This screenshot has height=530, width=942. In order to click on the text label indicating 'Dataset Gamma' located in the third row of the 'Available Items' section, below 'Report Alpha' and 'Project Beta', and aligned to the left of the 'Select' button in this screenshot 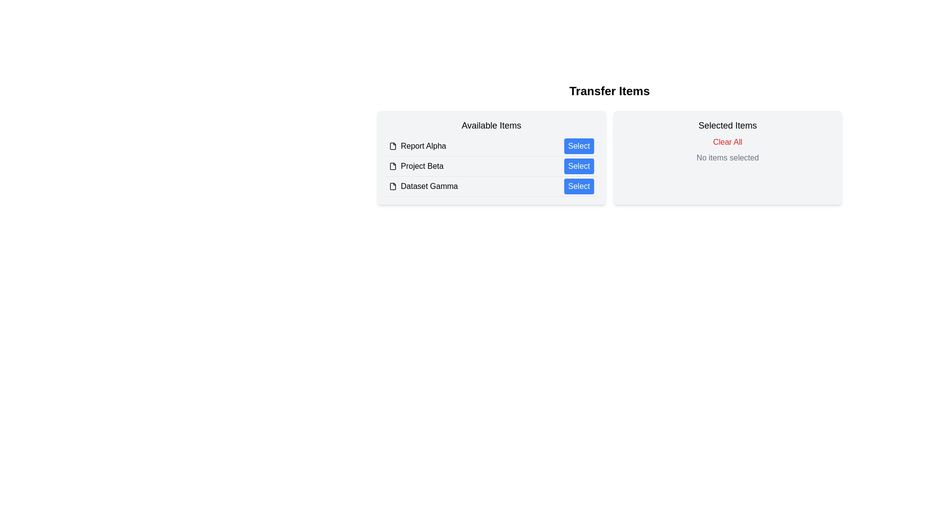, I will do `click(429, 186)`.